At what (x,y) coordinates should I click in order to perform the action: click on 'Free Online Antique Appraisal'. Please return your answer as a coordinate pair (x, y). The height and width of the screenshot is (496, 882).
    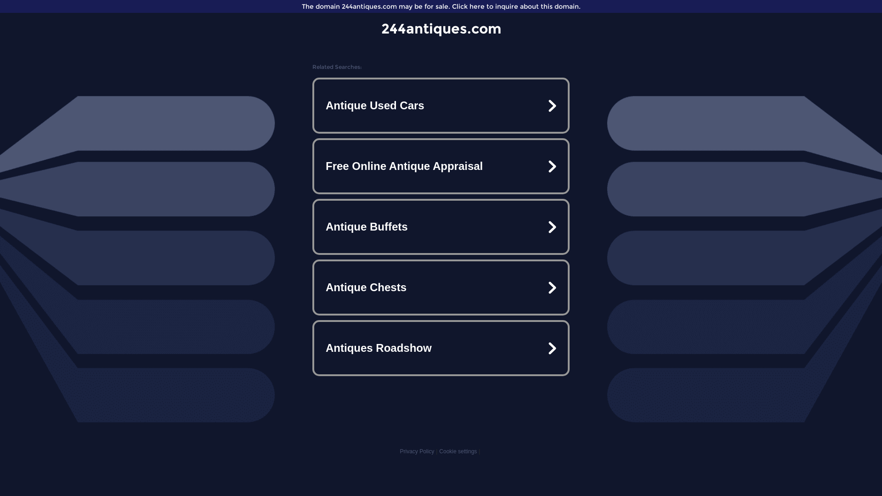
    Looking at the image, I should click on (441, 166).